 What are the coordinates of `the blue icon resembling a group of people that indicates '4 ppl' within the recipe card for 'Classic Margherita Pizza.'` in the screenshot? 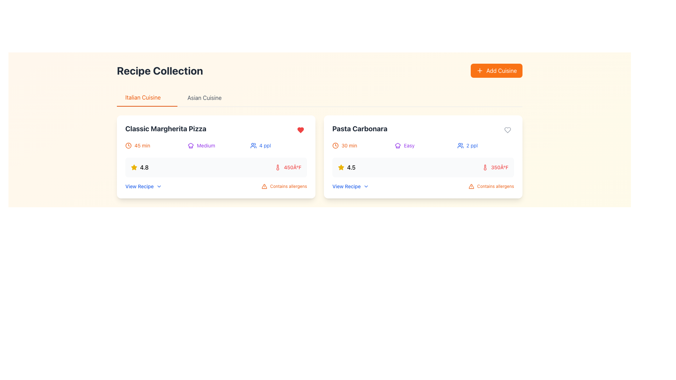 It's located at (253, 145).